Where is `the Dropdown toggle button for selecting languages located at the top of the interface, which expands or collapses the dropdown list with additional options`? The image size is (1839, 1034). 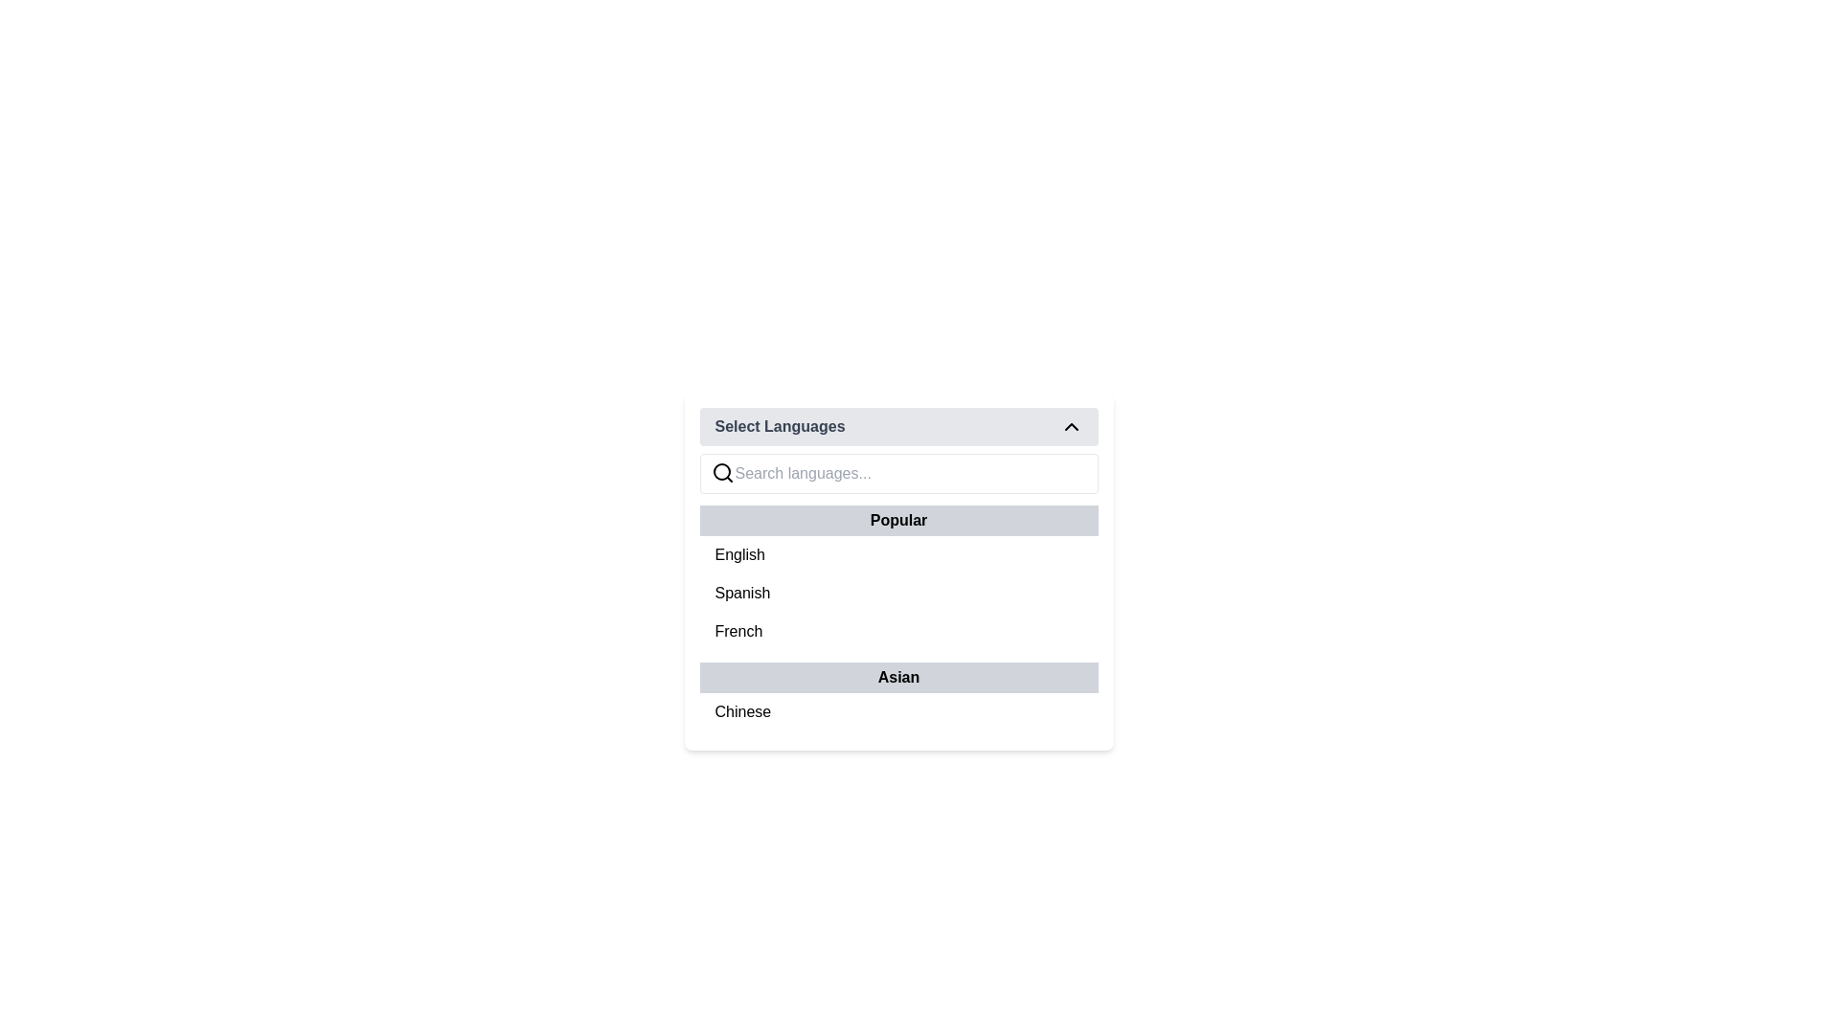
the Dropdown toggle button for selecting languages located at the top of the interface, which expands or collapses the dropdown list with additional options is located at coordinates (897, 426).